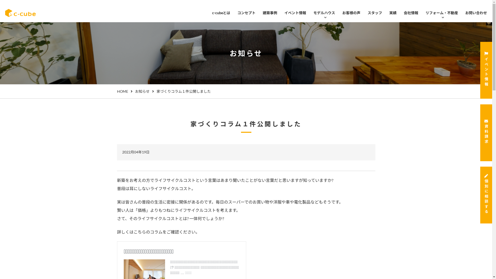 This screenshot has width=496, height=279. Describe the element at coordinates (116, 91) in the screenshot. I see `'HOME'` at that location.